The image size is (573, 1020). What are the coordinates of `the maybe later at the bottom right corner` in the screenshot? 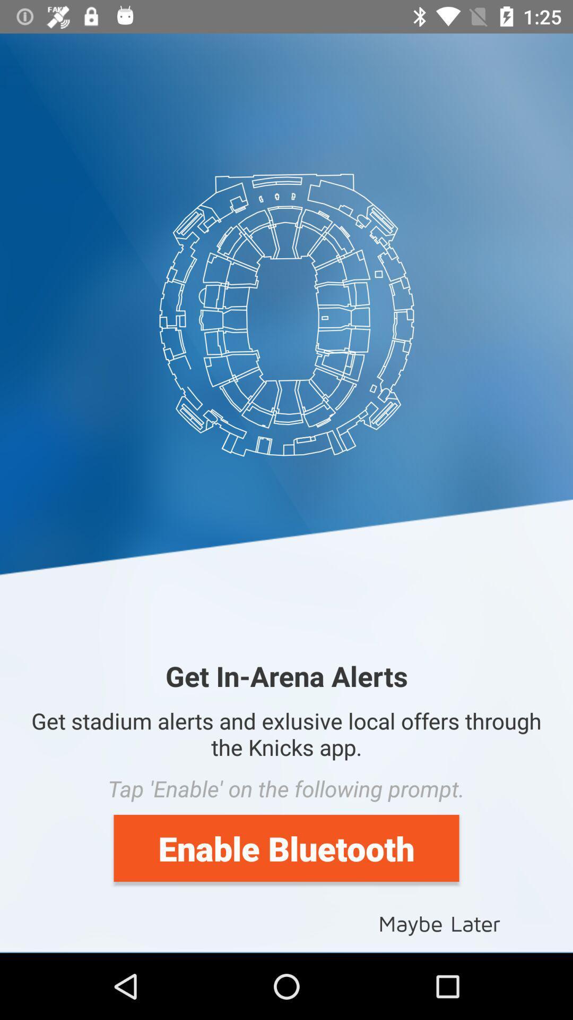 It's located at (439, 922).